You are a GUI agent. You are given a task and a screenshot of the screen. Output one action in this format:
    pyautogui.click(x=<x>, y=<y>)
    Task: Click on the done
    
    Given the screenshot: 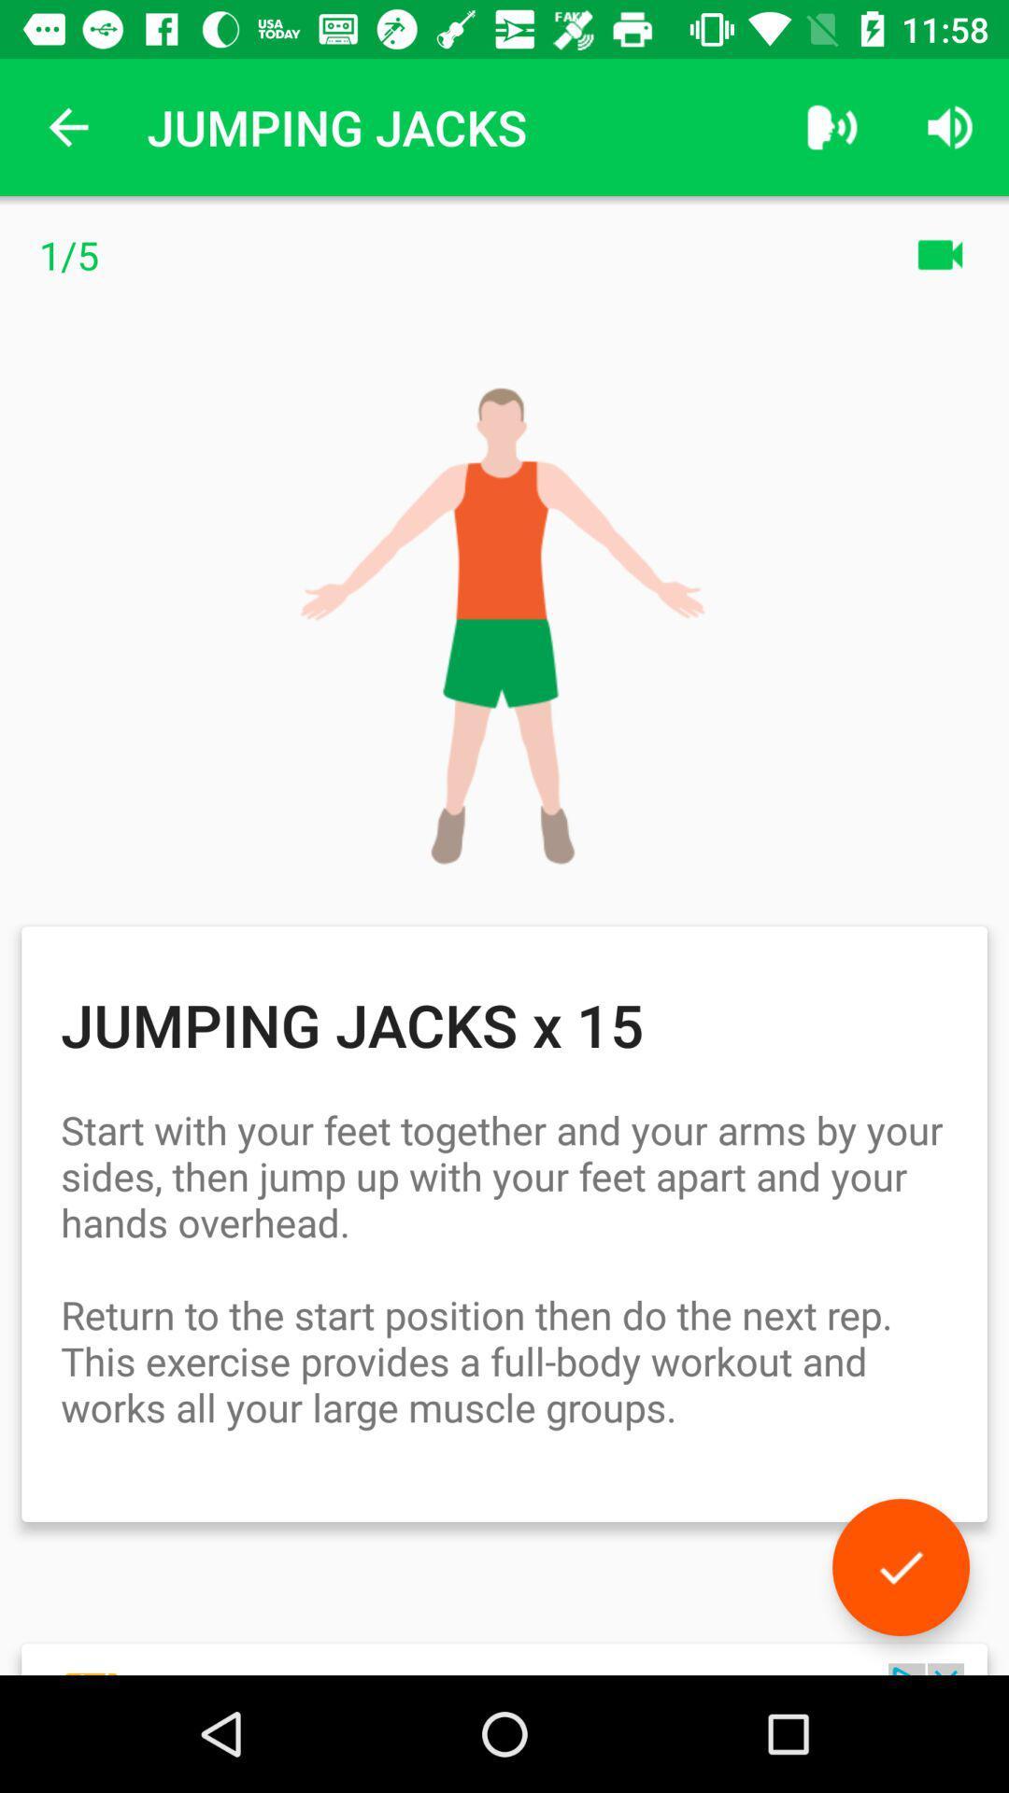 What is the action you would take?
    pyautogui.click(x=900, y=1567)
    